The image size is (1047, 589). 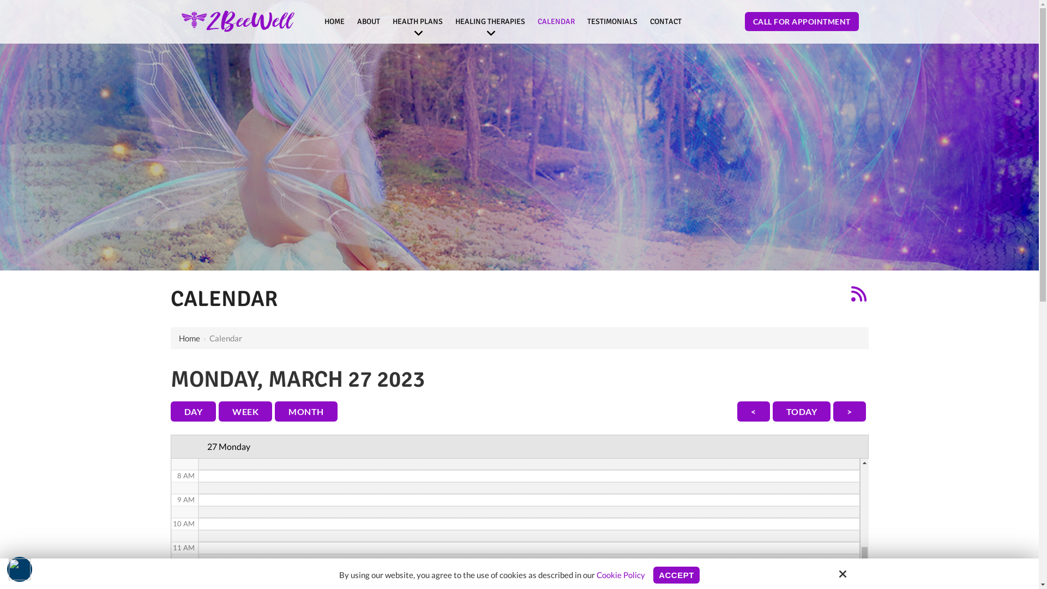 What do you see at coordinates (334, 21) in the screenshot?
I see `'HOME'` at bounding box center [334, 21].